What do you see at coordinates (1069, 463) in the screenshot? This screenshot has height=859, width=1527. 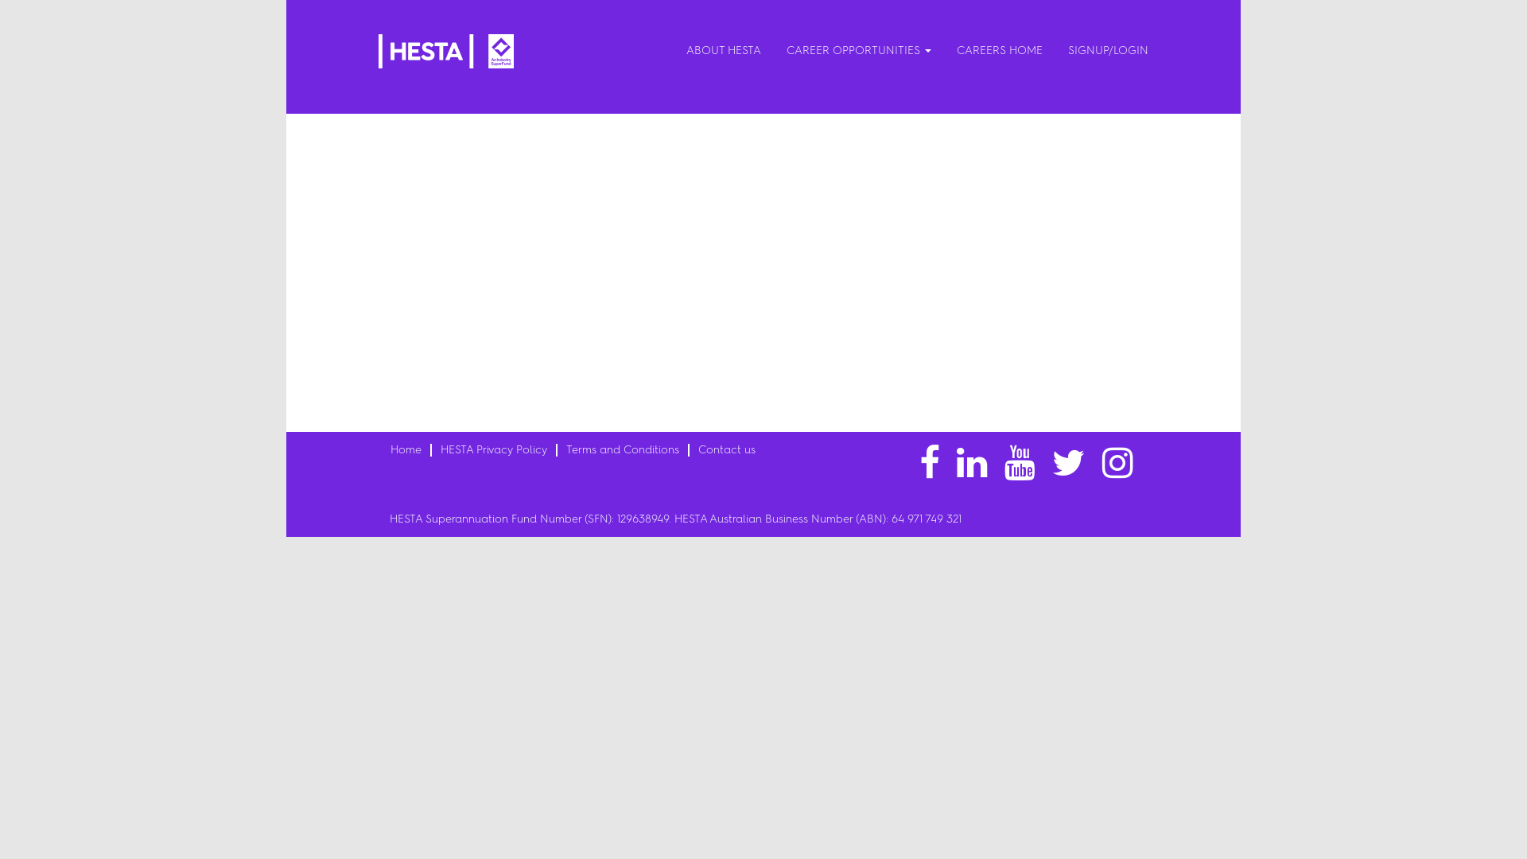 I see `'twitter'` at bounding box center [1069, 463].